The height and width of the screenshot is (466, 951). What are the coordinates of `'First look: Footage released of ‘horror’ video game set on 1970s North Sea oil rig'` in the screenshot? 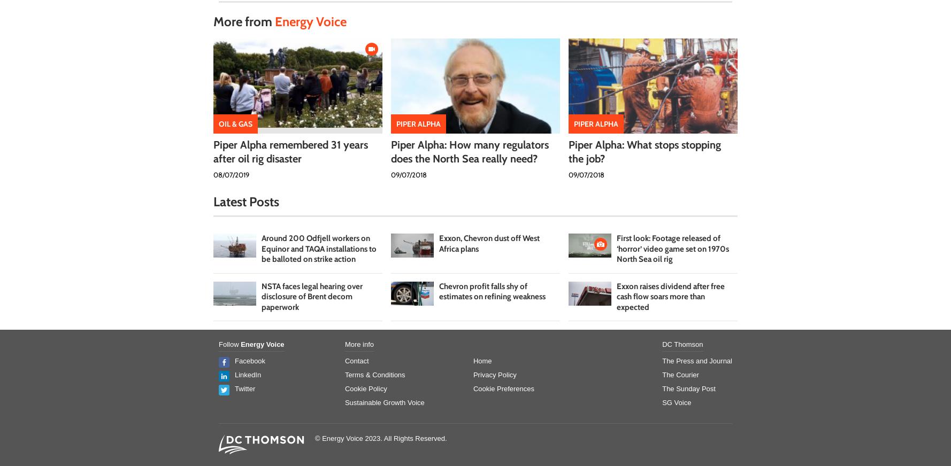 It's located at (672, 248).